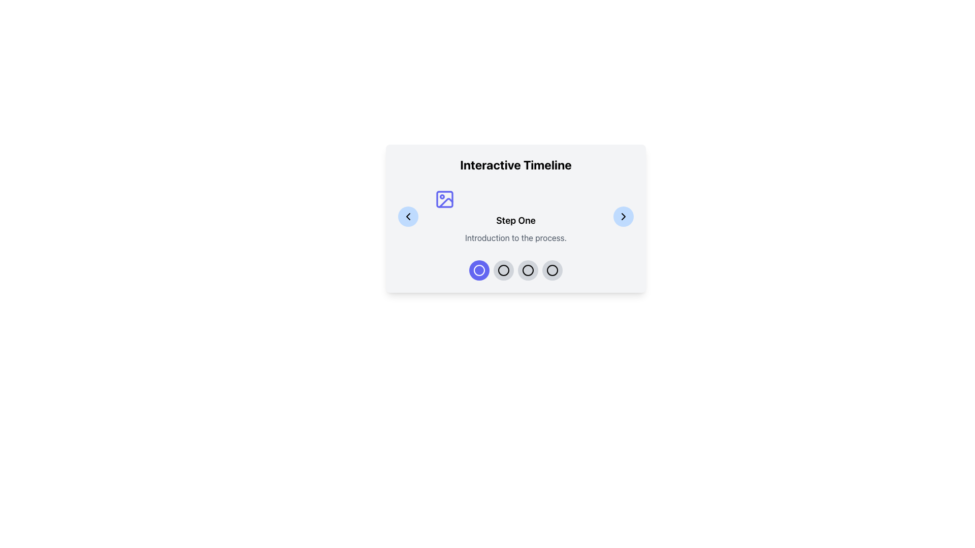 The image size is (975, 548). What do you see at coordinates (408, 216) in the screenshot?
I see `the circular button containing a left-facing chevron SVG icon for navigation, located to the left of the navigation buttons` at bounding box center [408, 216].